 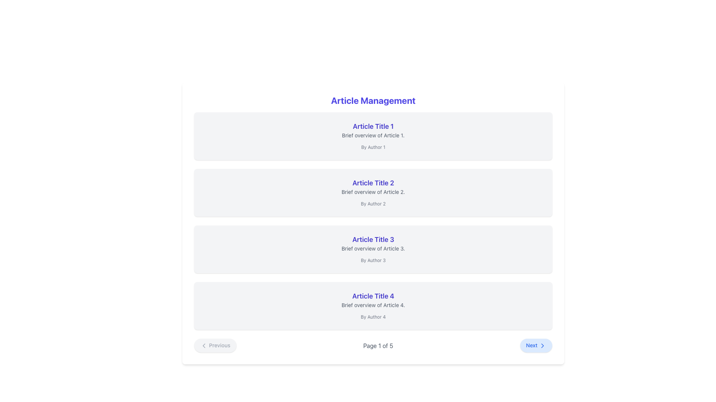 I want to click on the static text element indicating the author of 'Article Title 2', which is located below the article's brief overview text, so click(x=373, y=204).